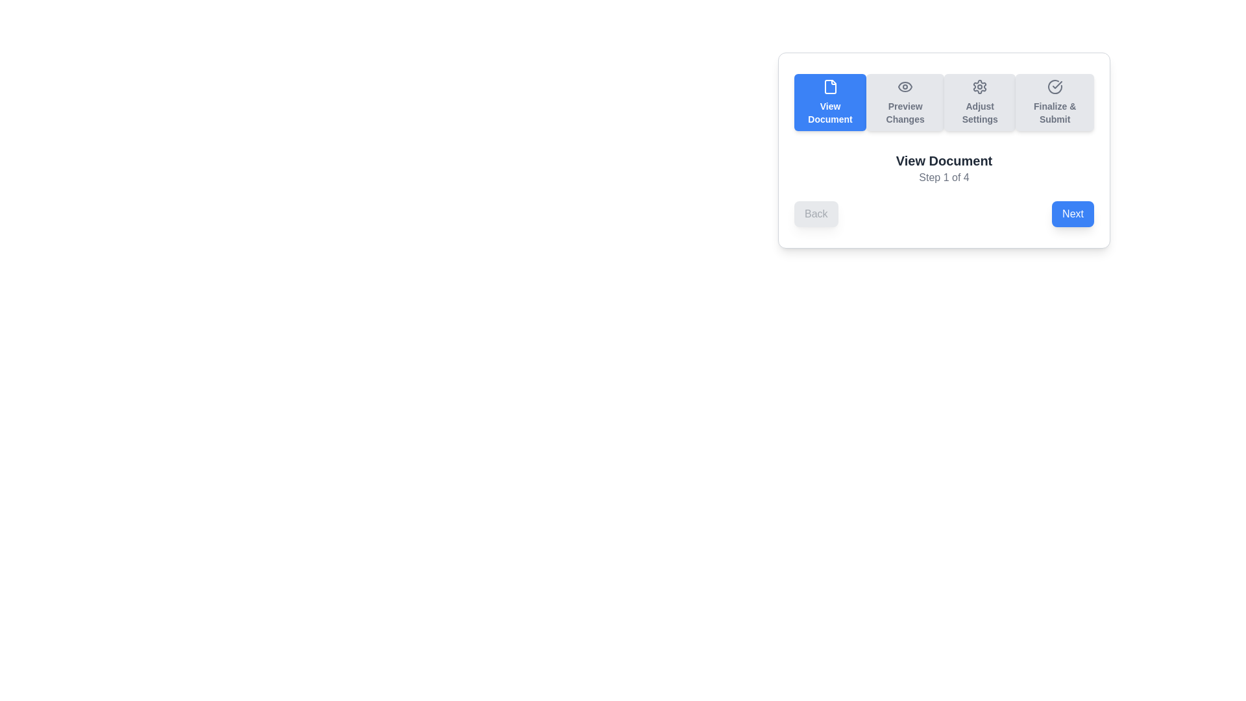 The height and width of the screenshot is (701, 1246). What do you see at coordinates (905, 102) in the screenshot?
I see `the button corresponding to Preview Changes` at bounding box center [905, 102].